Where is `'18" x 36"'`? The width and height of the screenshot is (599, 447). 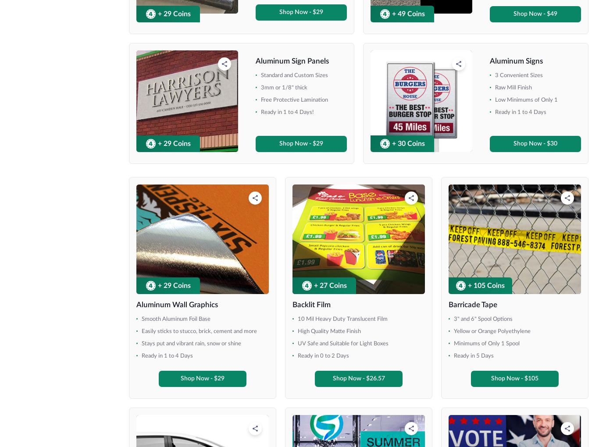
'18" x 36"' is located at coordinates (36, 5).